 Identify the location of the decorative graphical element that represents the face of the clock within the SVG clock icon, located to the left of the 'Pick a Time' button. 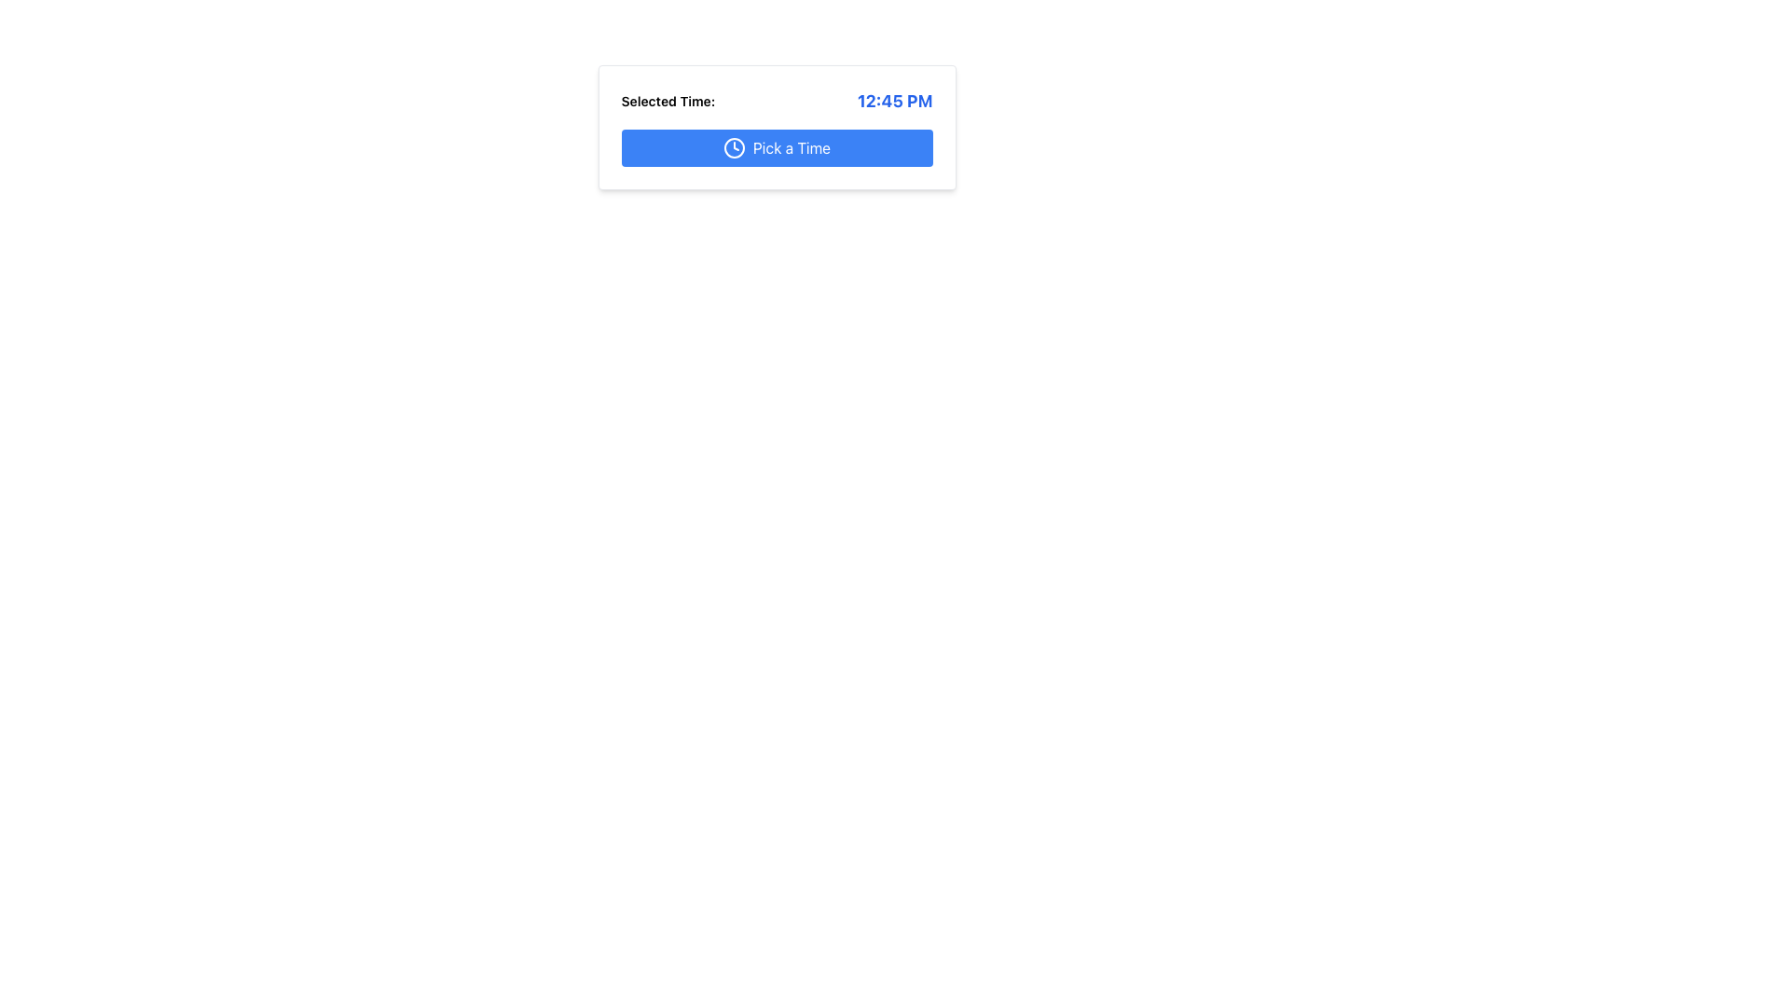
(733, 146).